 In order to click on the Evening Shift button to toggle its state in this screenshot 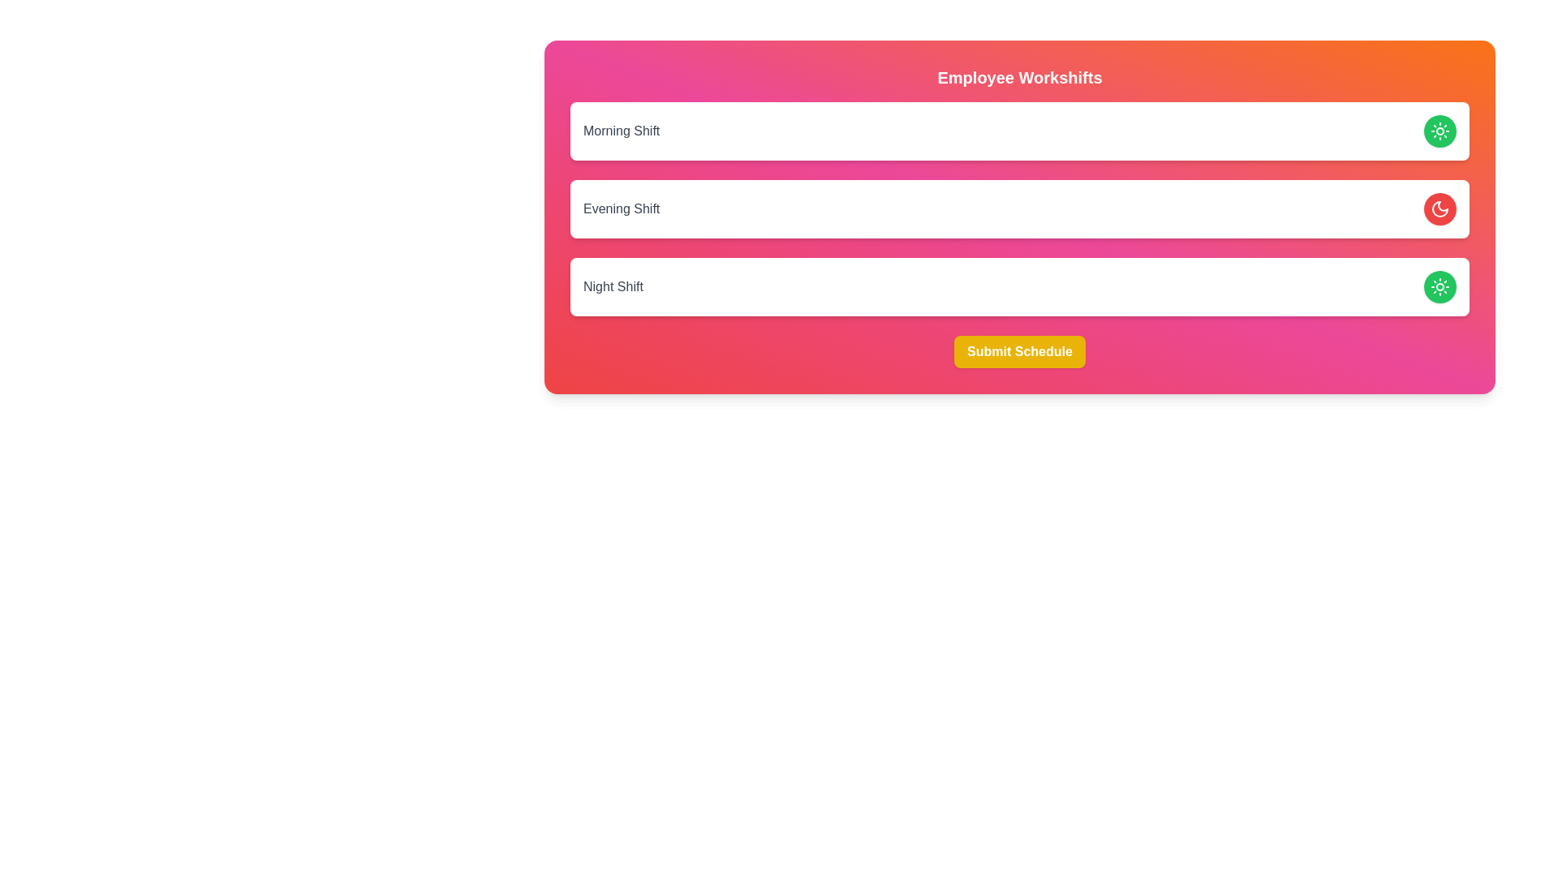, I will do `click(1440, 208)`.